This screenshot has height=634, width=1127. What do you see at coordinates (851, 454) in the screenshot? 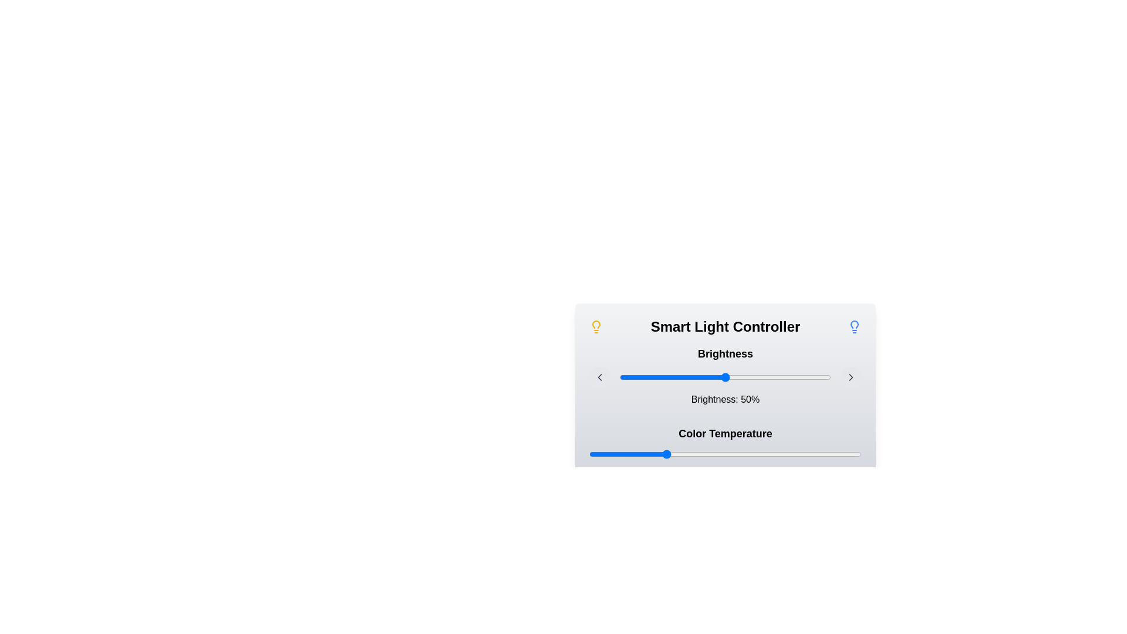
I see `the color temperature` at bounding box center [851, 454].